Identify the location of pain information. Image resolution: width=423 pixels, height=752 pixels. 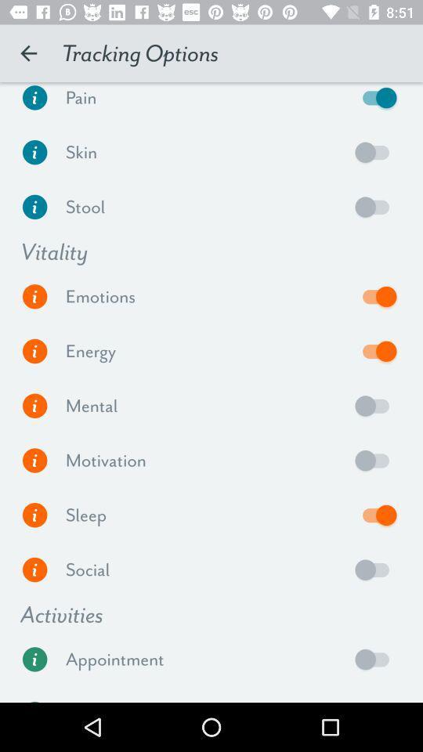
(34, 101).